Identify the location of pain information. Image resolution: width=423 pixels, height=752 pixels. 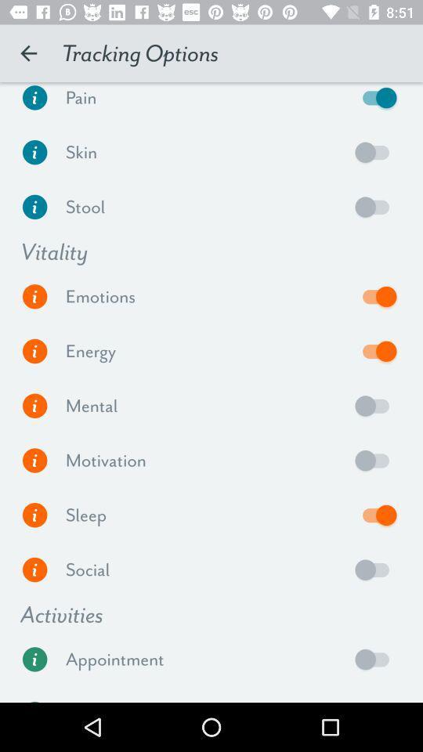
(34, 101).